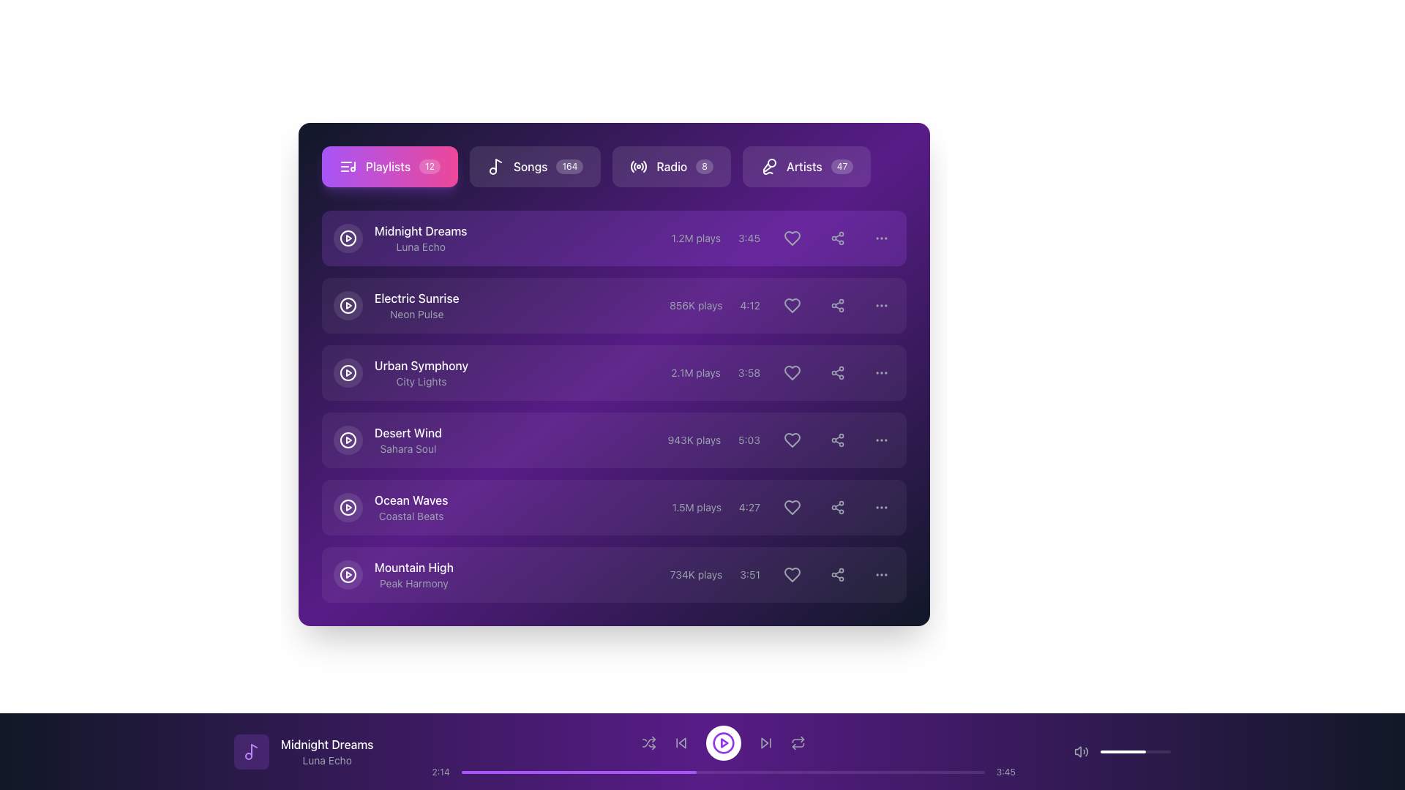  Describe the element at coordinates (695, 574) in the screenshot. I see `the Text label displaying the number of plays or listens for the last song in the playlist, which is positioned to the left of the duration label ('3:51') and above the heart icon` at that location.